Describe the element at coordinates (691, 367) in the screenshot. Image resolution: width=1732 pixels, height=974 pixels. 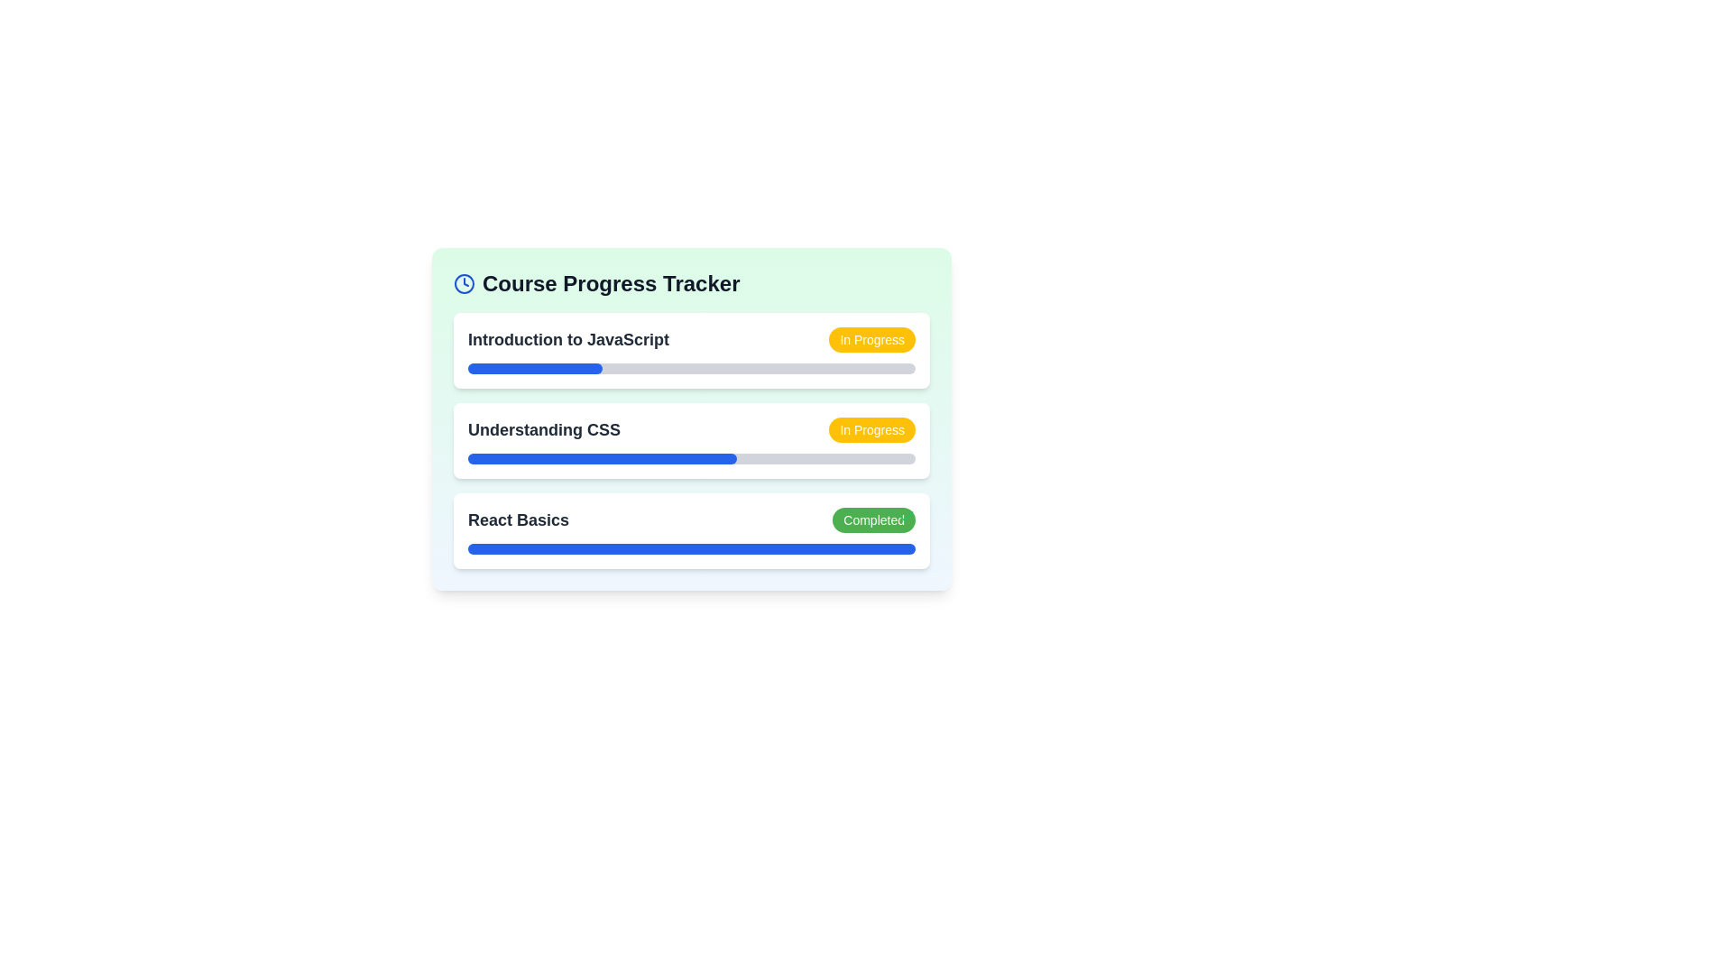
I see `the visual change in the progress bar located under the 'Course Progress Tracker' subsection titled 'Introduction to JavaScript', which has a gray background and a partially filled blue section representing 30% progress` at that location.